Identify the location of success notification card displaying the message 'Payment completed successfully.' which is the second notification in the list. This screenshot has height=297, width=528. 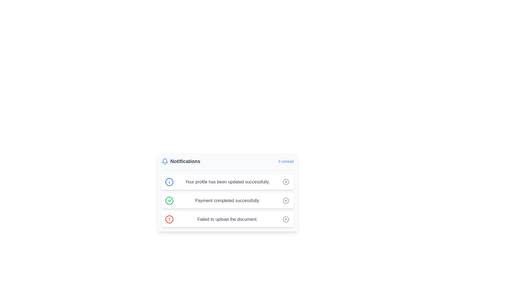
(227, 200).